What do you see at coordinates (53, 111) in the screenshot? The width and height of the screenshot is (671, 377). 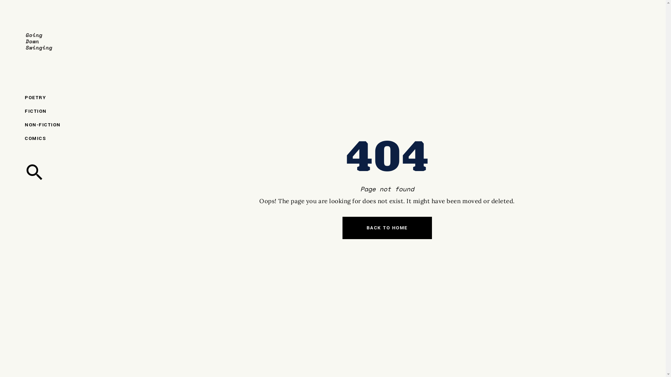 I see `'FICTION'` at bounding box center [53, 111].